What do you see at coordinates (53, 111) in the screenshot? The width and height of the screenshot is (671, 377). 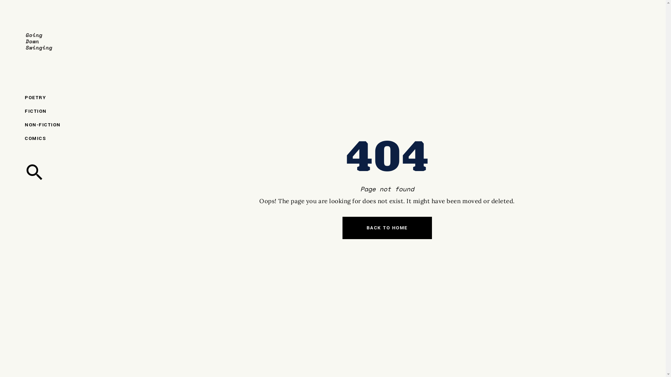 I see `'FICTION'` at bounding box center [53, 111].